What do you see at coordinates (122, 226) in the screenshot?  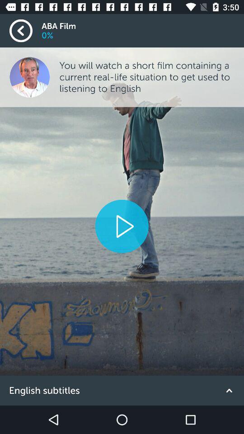 I see `video` at bounding box center [122, 226].